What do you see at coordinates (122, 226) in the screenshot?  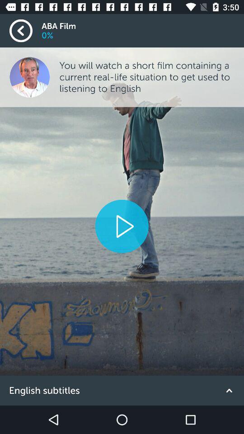 I see `video` at bounding box center [122, 226].